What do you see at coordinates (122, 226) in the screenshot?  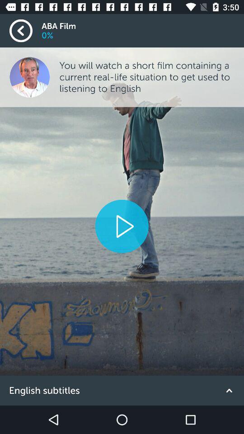 I see `video` at bounding box center [122, 226].